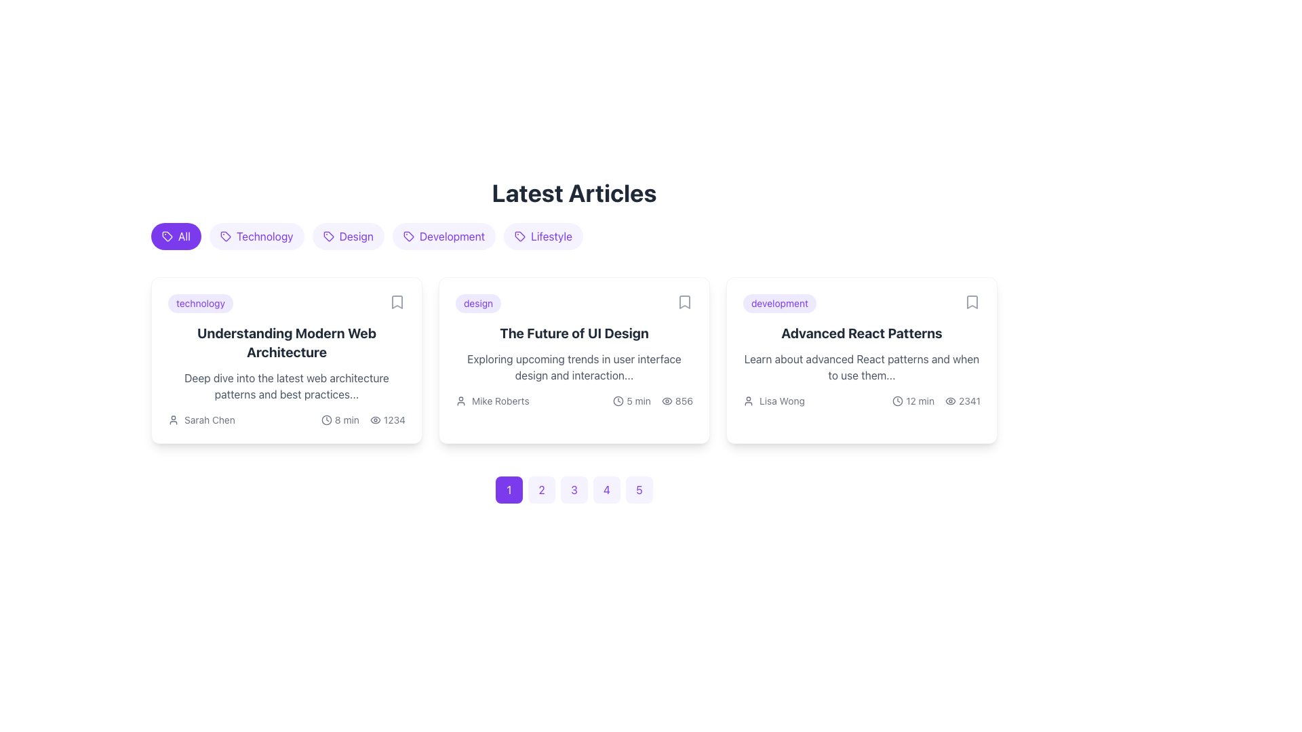 This screenshot has width=1302, height=732. What do you see at coordinates (898, 400) in the screenshot?
I see `the circular SVG component inside the clock icon located at the bottom-right corner of the card labeled 'Advanced React Patterns'` at bounding box center [898, 400].